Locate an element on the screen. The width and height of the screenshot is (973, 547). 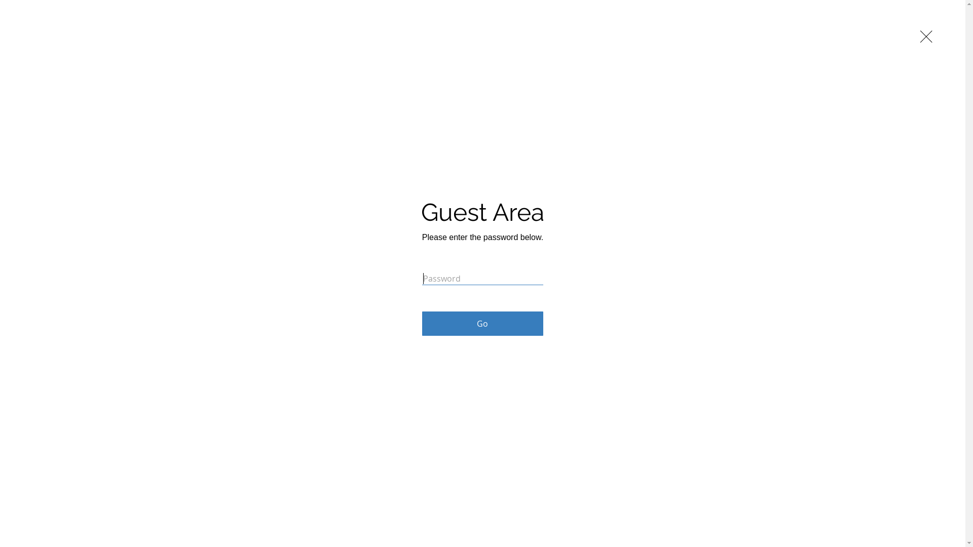
'Go' is located at coordinates (482, 324).